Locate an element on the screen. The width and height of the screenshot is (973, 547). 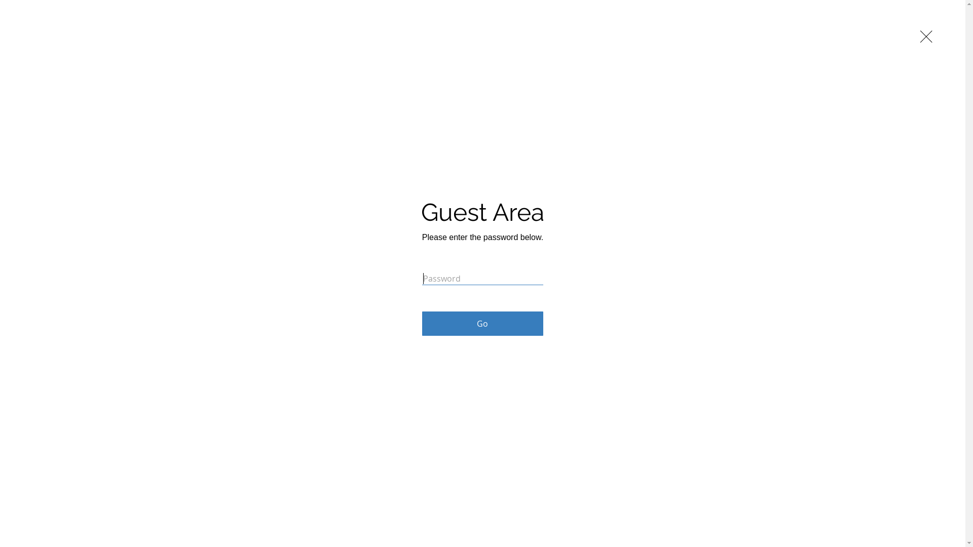
'Go' is located at coordinates (482, 324).